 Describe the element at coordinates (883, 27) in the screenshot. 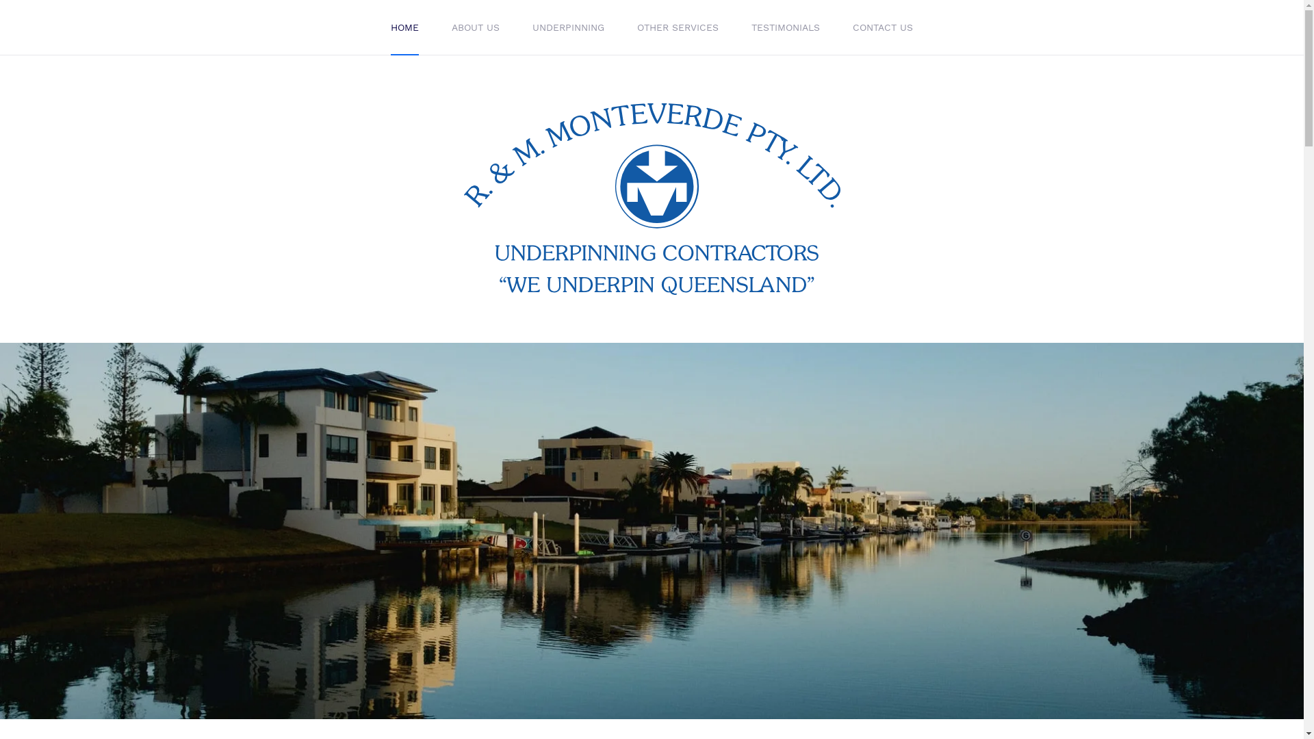

I see `'CONTACT US'` at that location.